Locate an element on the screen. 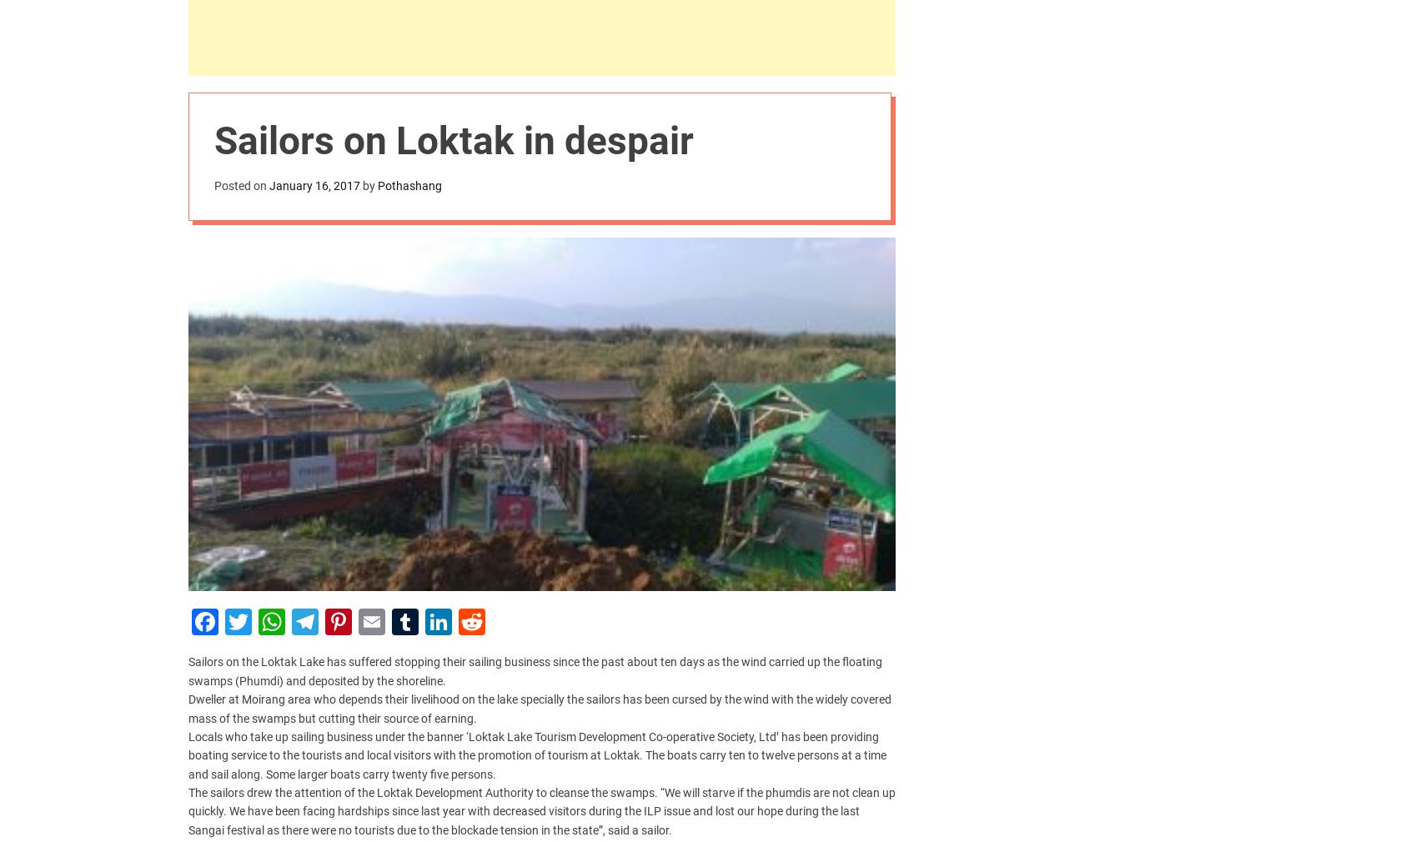  'pothashang@gmail.com' is located at coordinates (252, 684).